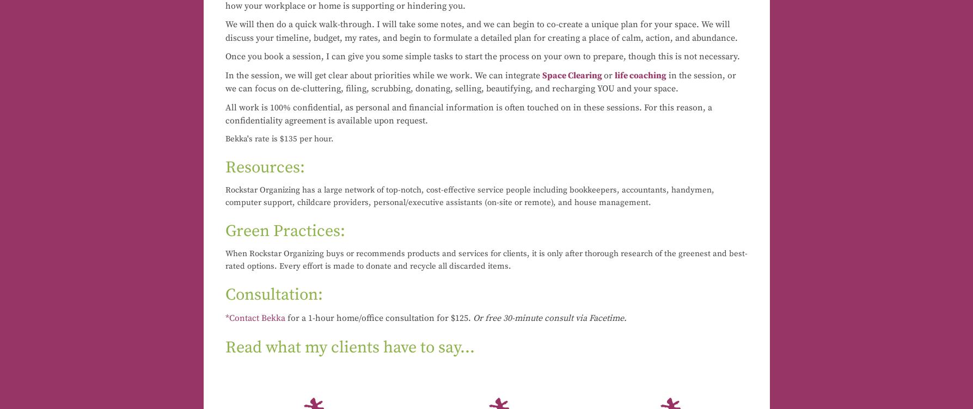 The height and width of the screenshot is (409, 973). Describe the element at coordinates (378, 318) in the screenshot. I see `'for a 1-hour home/office consultation for $125.'` at that location.